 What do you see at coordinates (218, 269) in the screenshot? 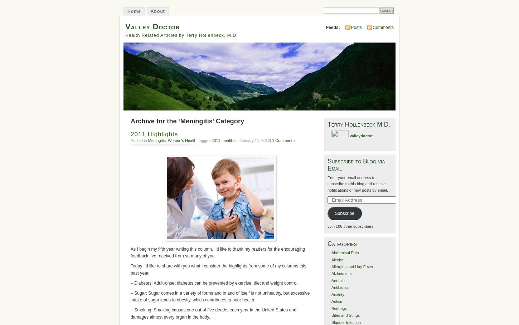
I see `'Today I’d like to share with you what I consider the highlights from some of my columns this past year.'` at bounding box center [218, 269].